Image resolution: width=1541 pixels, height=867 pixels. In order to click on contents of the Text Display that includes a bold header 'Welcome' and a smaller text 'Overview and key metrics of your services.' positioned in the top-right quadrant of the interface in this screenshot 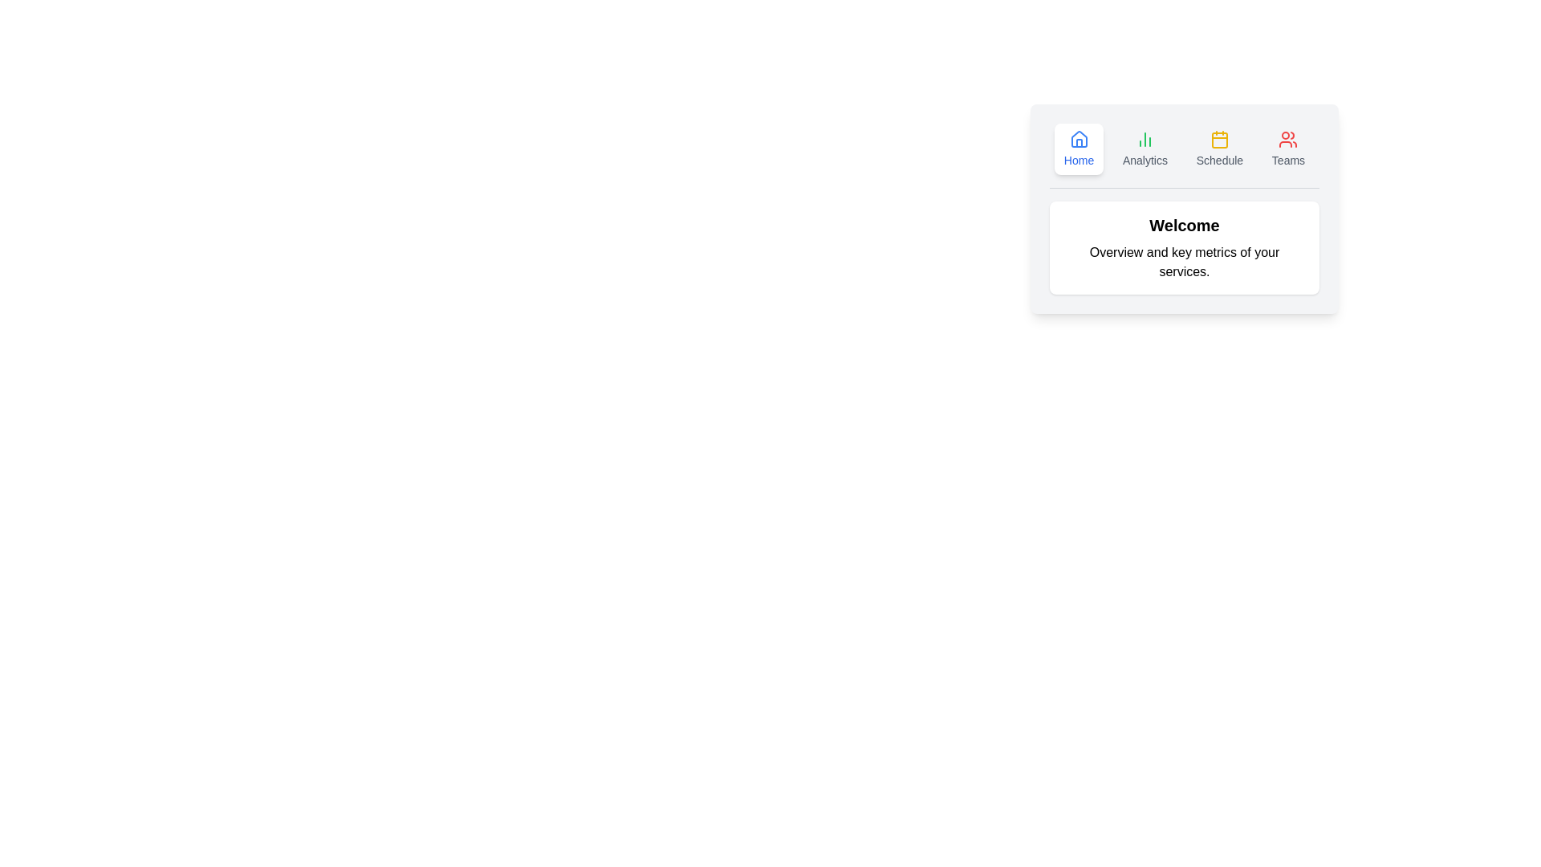, I will do `click(1185, 247)`.